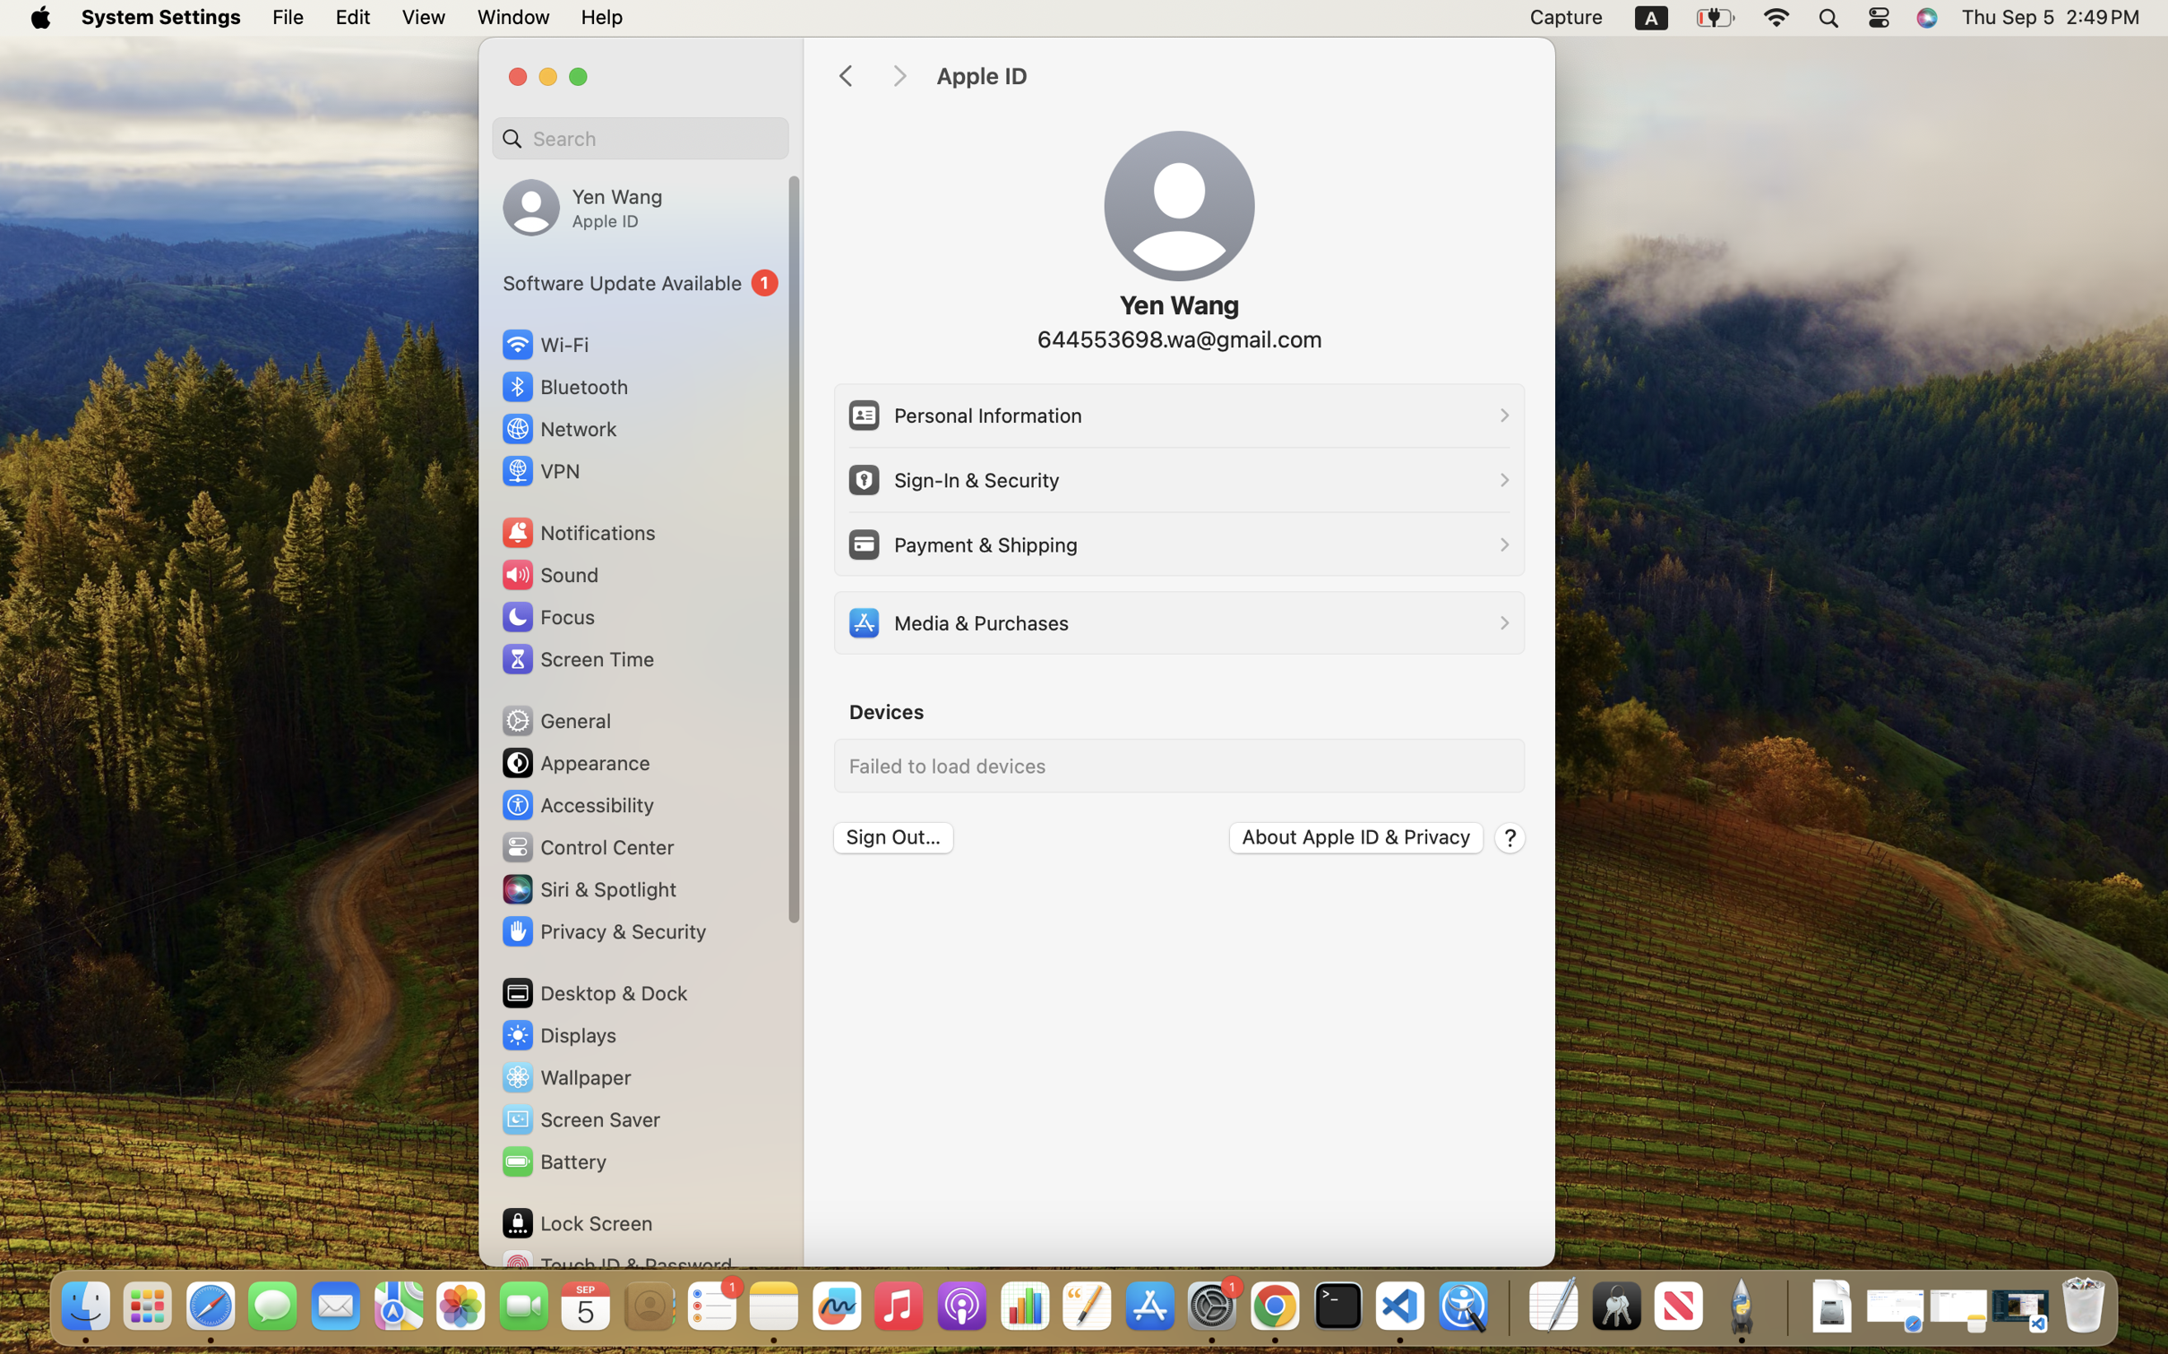 The image size is (2168, 1354). I want to click on 'Privacy & Security', so click(601, 930).